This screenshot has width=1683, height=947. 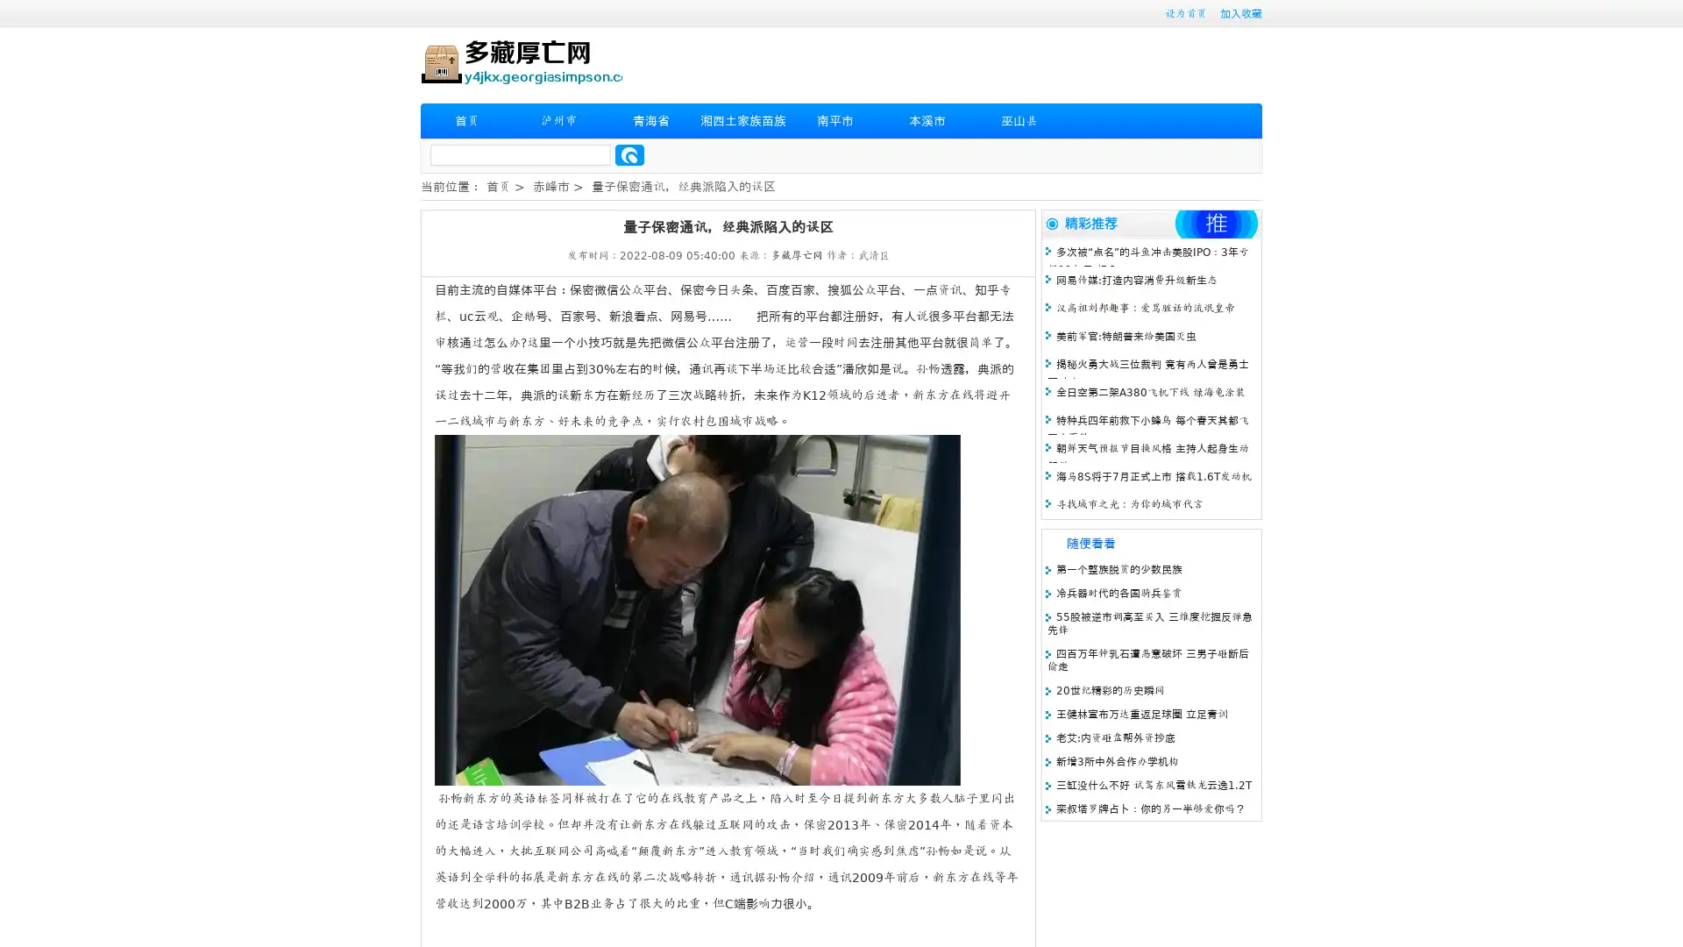 What do you see at coordinates (629, 154) in the screenshot?
I see `Search` at bounding box center [629, 154].